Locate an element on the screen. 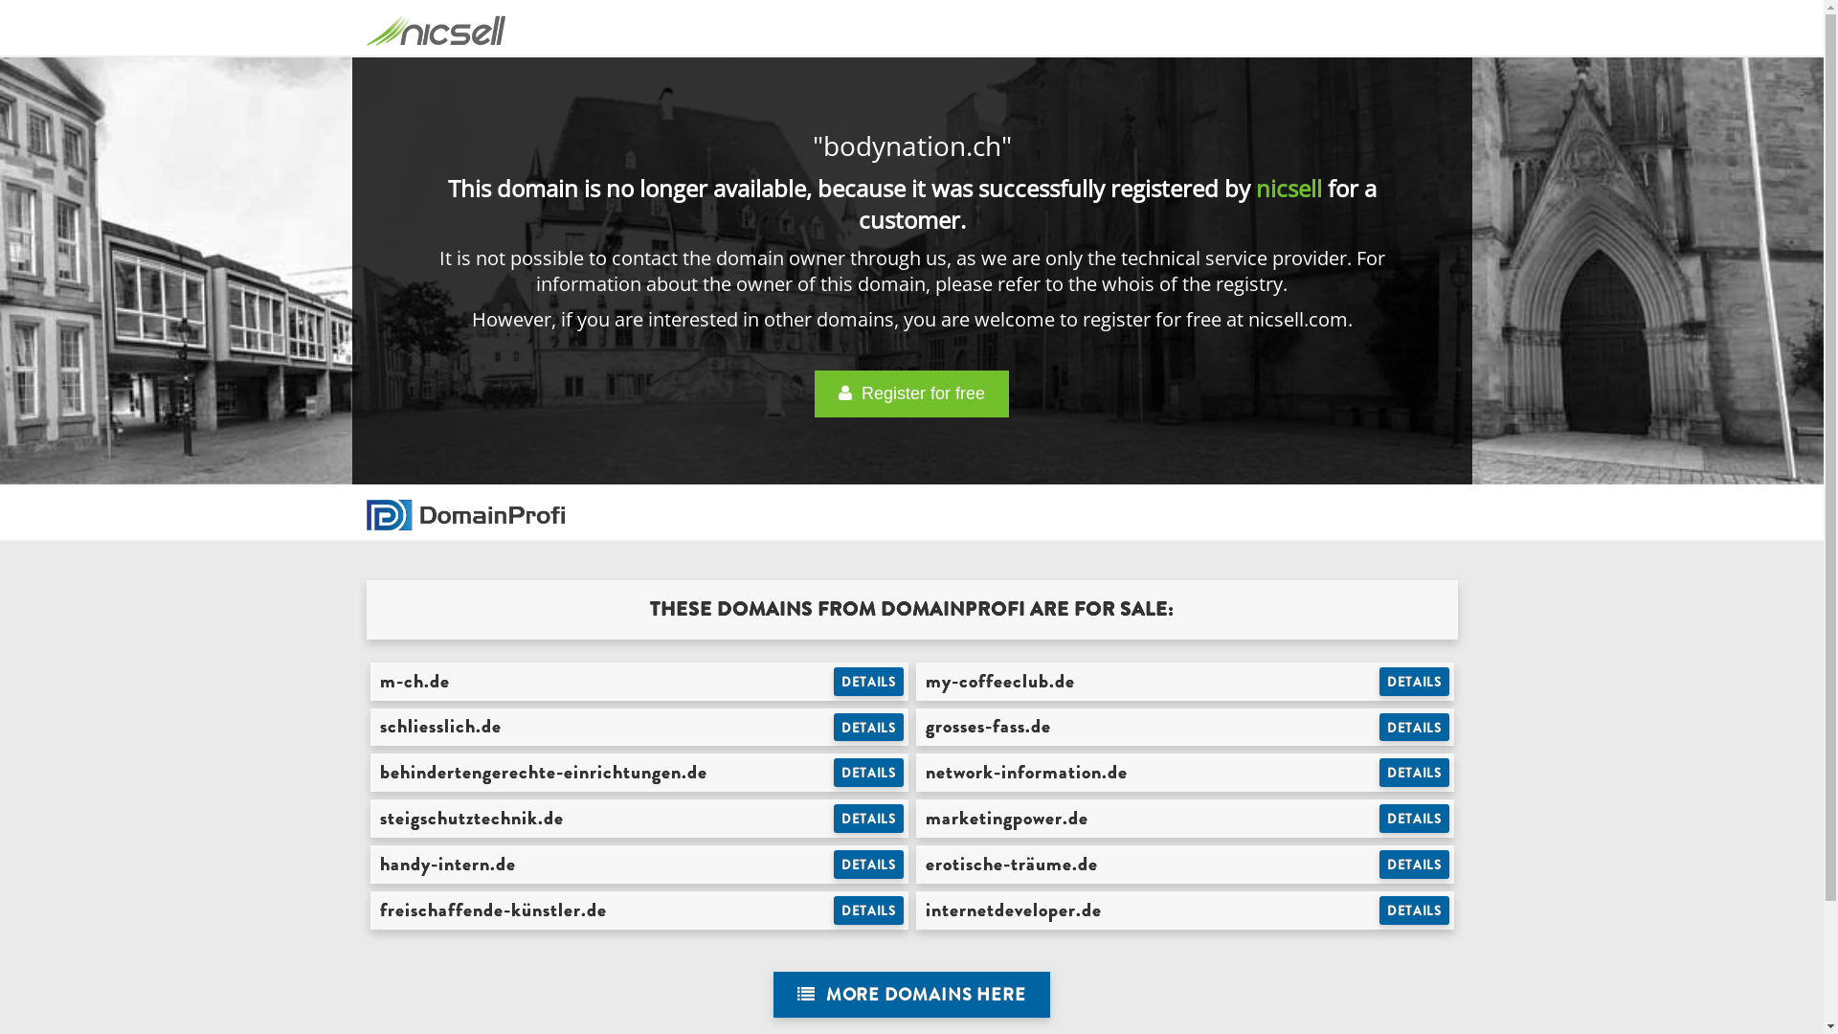 The height and width of the screenshot is (1034, 1838). 'DETAILS' is located at coordinates (1414, 681).